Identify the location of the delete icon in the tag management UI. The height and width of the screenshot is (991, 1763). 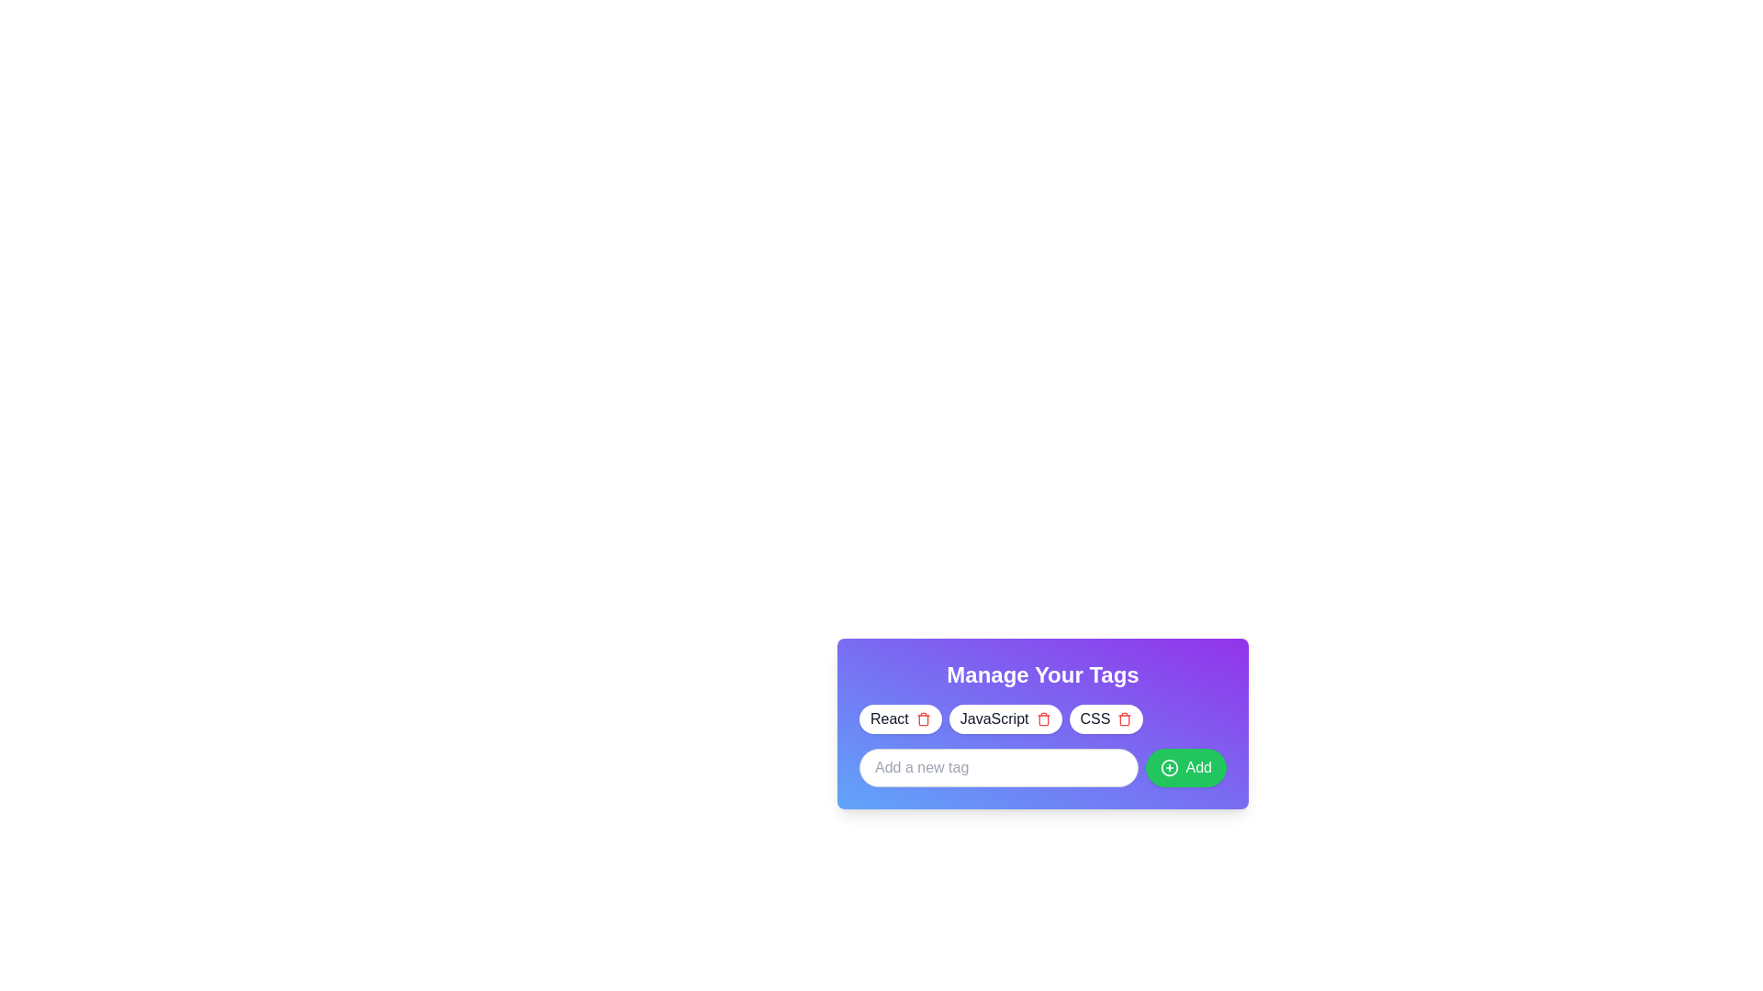
(1043, 718).